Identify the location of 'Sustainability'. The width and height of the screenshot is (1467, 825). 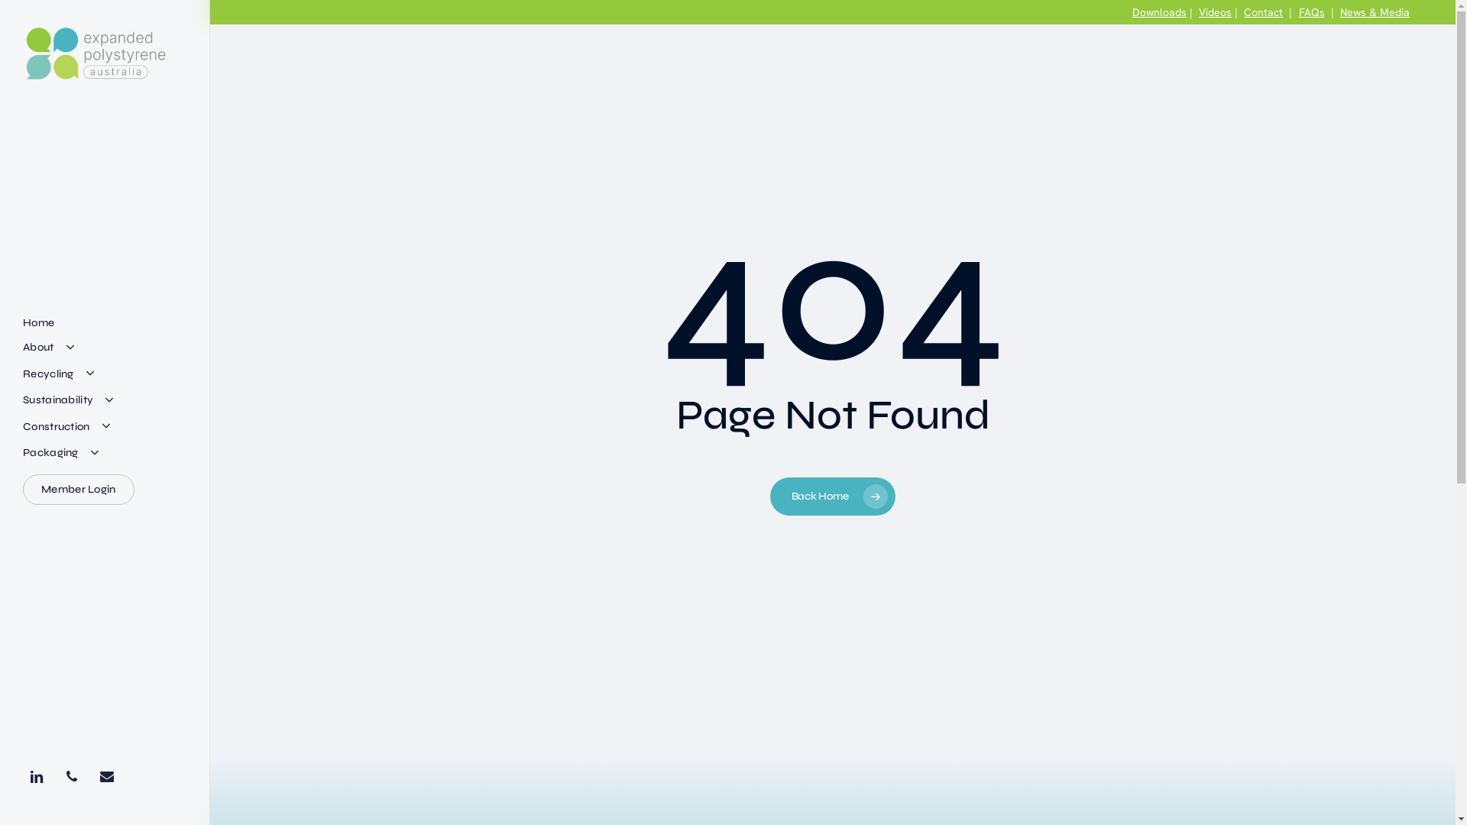
(69, 400).